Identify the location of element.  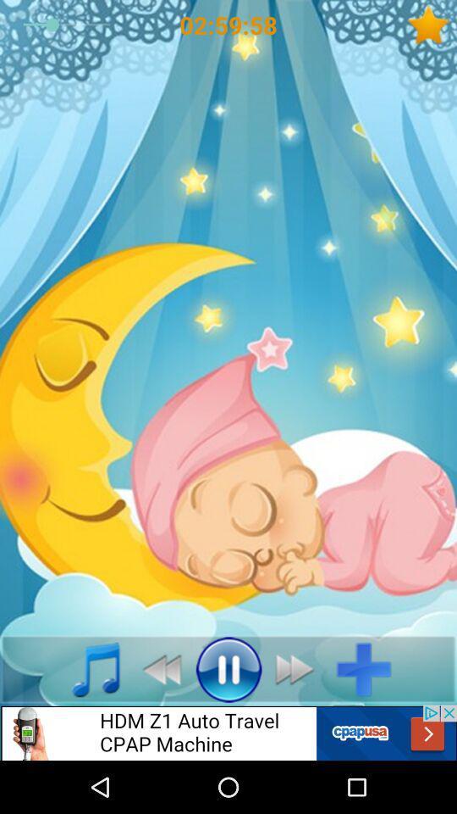
(369, 669).